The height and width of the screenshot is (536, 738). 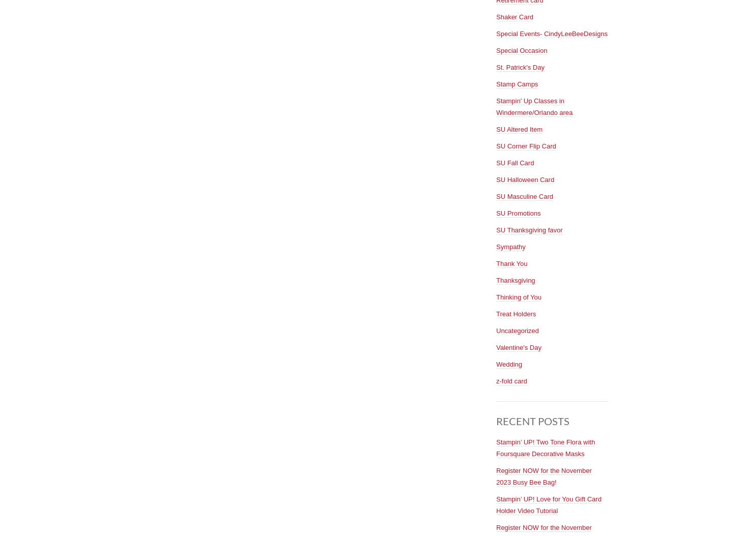 What do you see at coordinates (519, 347) in the screenshot?
I see `'Valentine's Day'` at bounding box center [519, 347].